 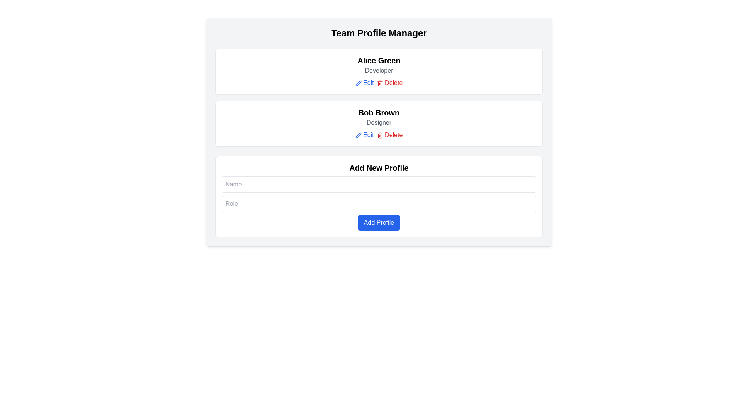 What do you see at coordinates (389, 83) in the screenshot?
I see `the 'Delete' button with a trash can icon located in the 'Alice Green' profile section` at bounding box center [389, 83].